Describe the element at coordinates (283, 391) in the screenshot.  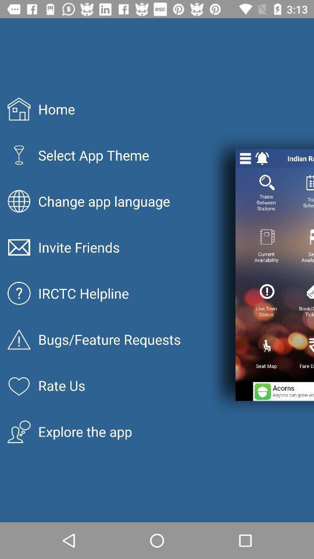
I see `icon next to rate us item` at that location.